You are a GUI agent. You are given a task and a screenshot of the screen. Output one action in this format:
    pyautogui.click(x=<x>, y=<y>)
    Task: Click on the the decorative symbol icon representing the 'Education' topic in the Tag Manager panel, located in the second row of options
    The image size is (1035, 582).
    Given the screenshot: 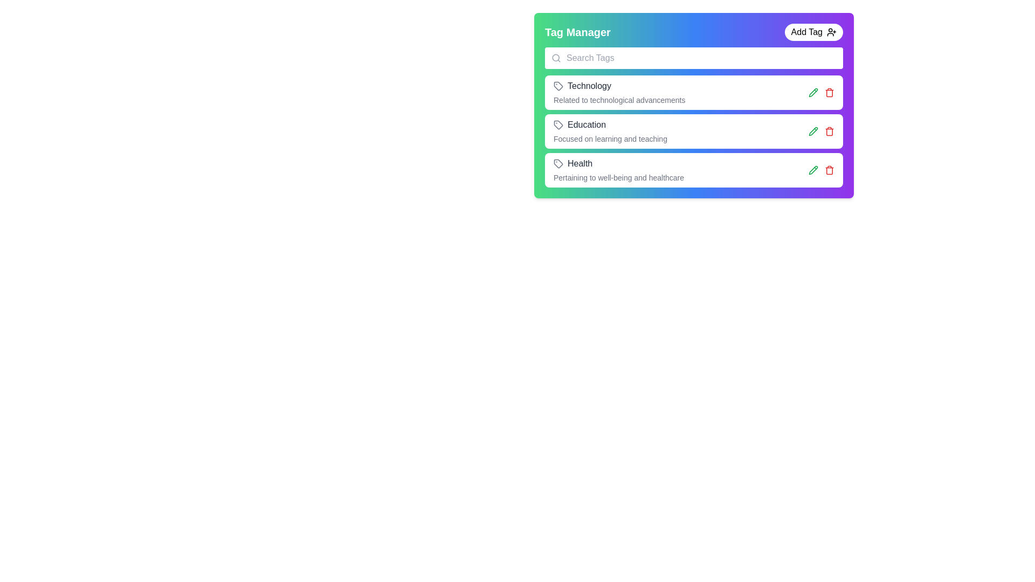 What is the action you would take?
    pyautogui.click(x=558, y=124)
    